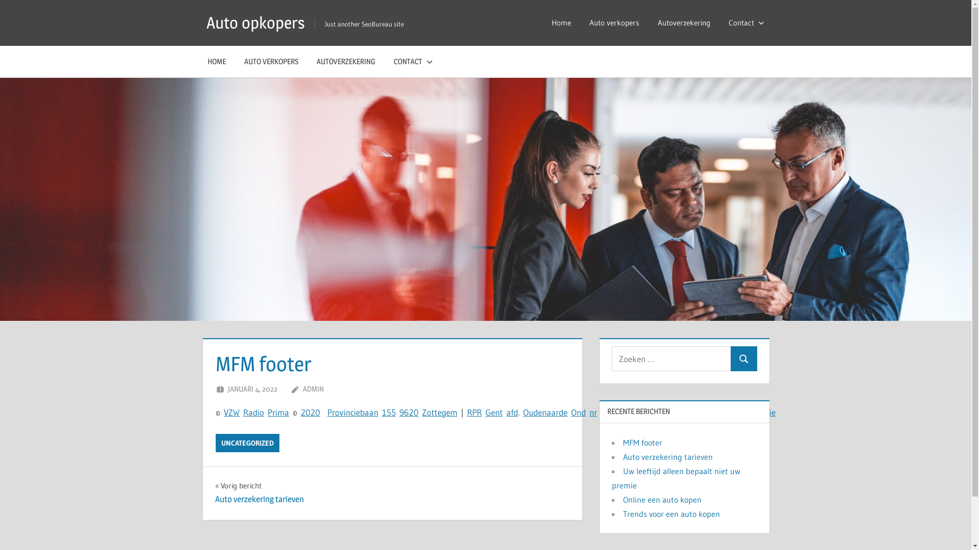 The image size is (979, 550). Describe the element at coordinates (317, 411) in the screenshot. I see `'0'` at that location.